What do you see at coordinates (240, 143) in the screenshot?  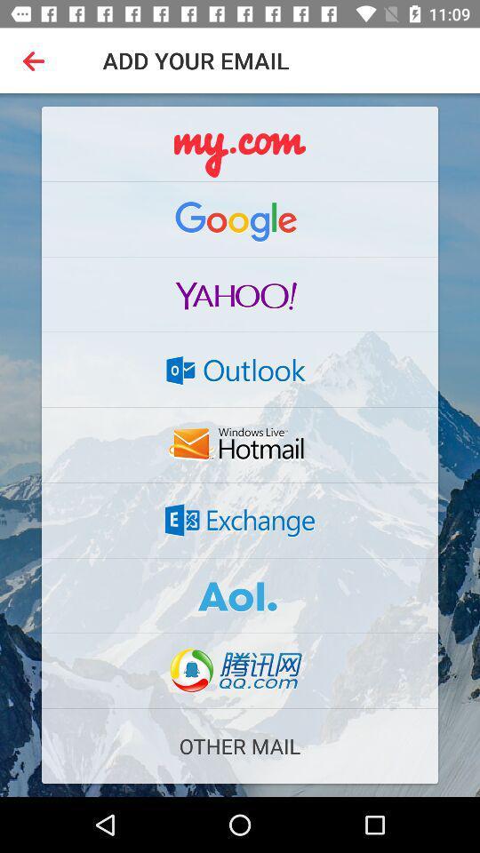 I see `use my.com email` at bounding box center [240, 143].